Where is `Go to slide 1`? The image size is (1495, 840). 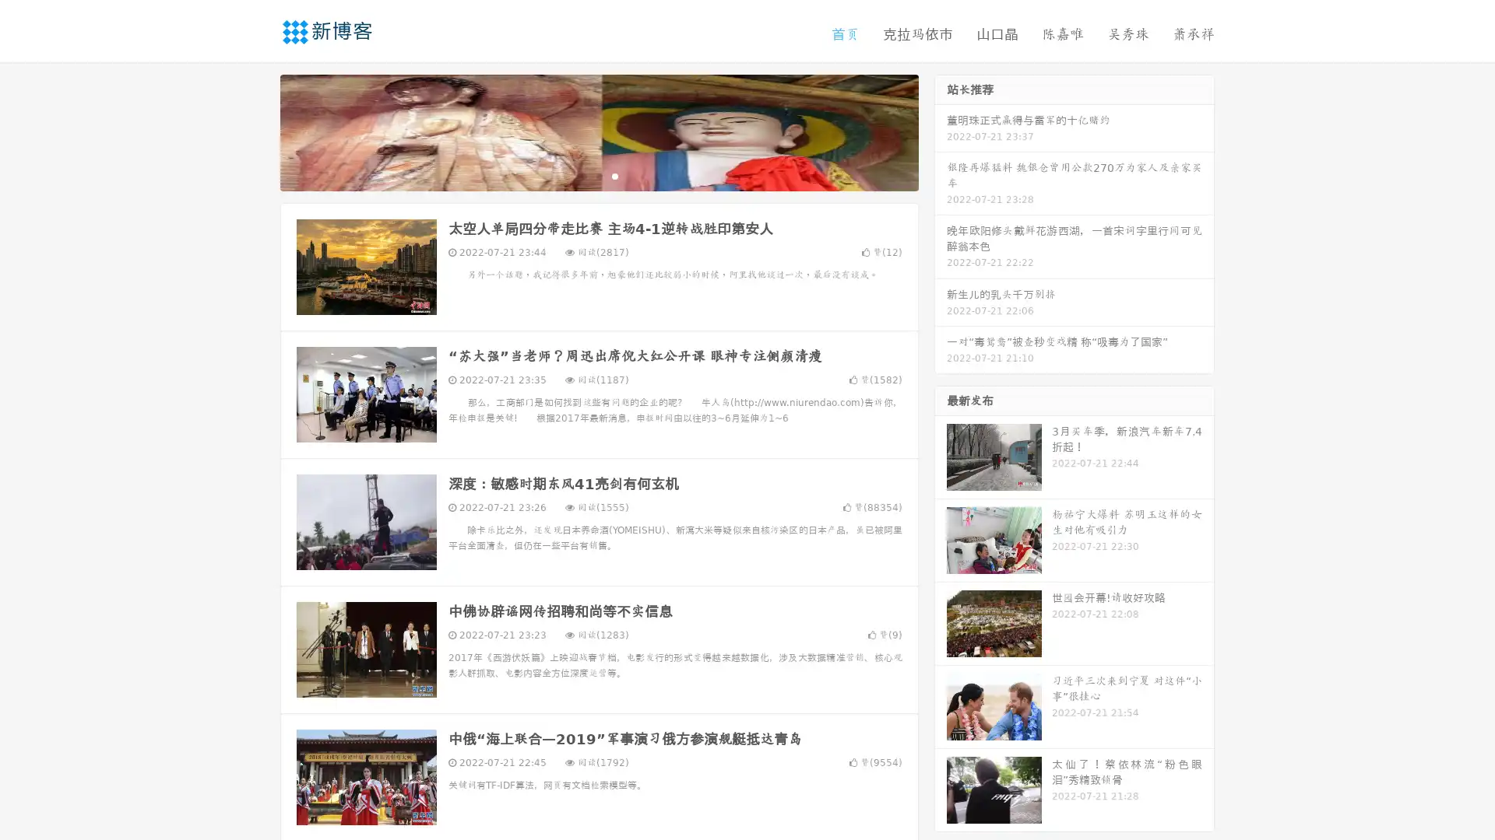
Go to slide 1 is located at coordinates (582, 175).